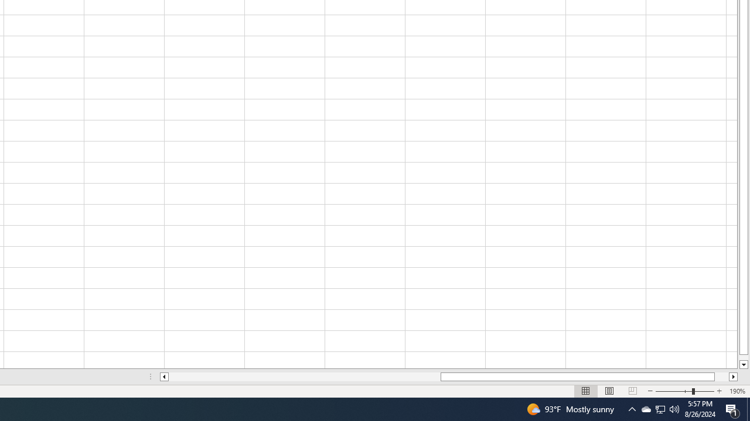 The height and width of the screenshot is (421, 750). Describe the element at coordinates (743, 364) in the screenshot. I see `'Line down'` at that location.